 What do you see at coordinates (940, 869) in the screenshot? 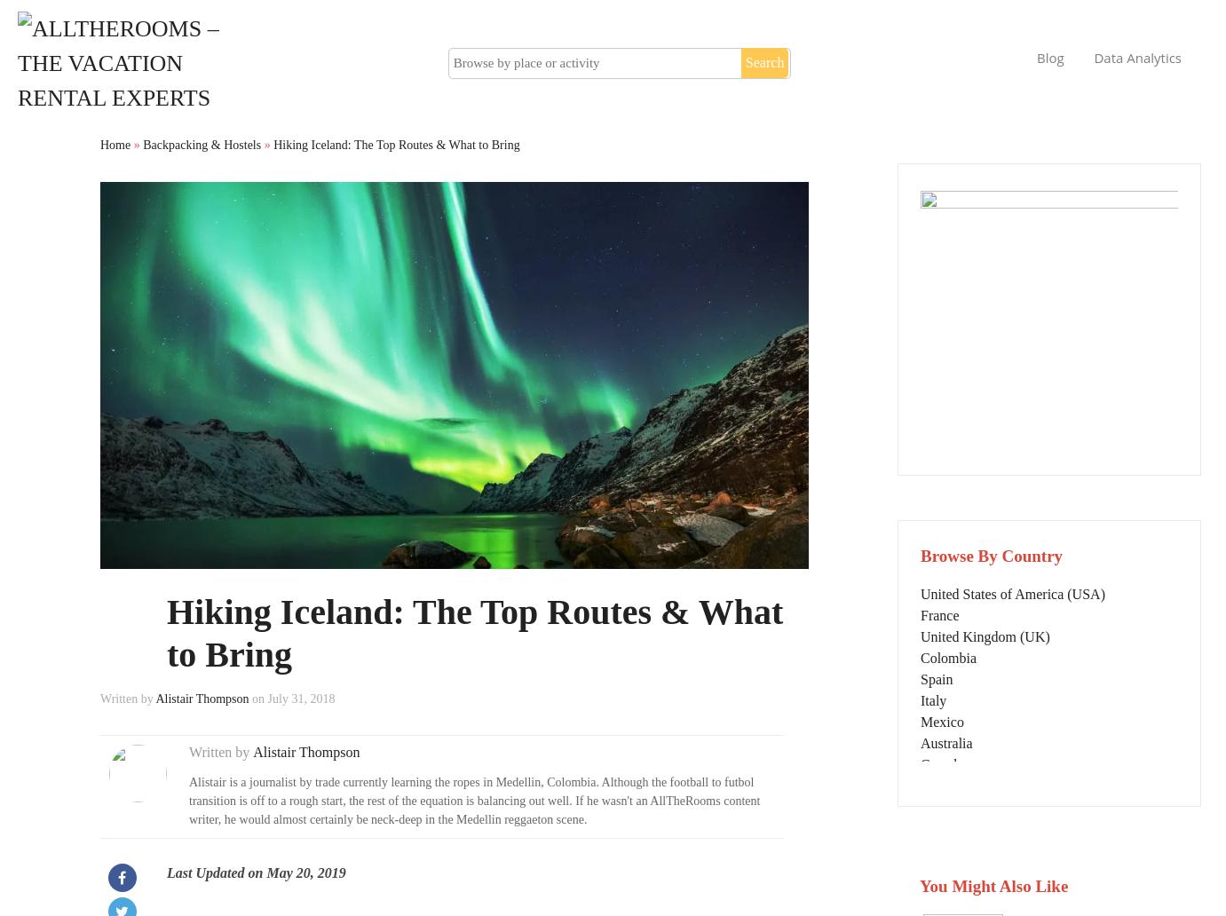
I see `'Greece'` at bounding box center [940, 869].